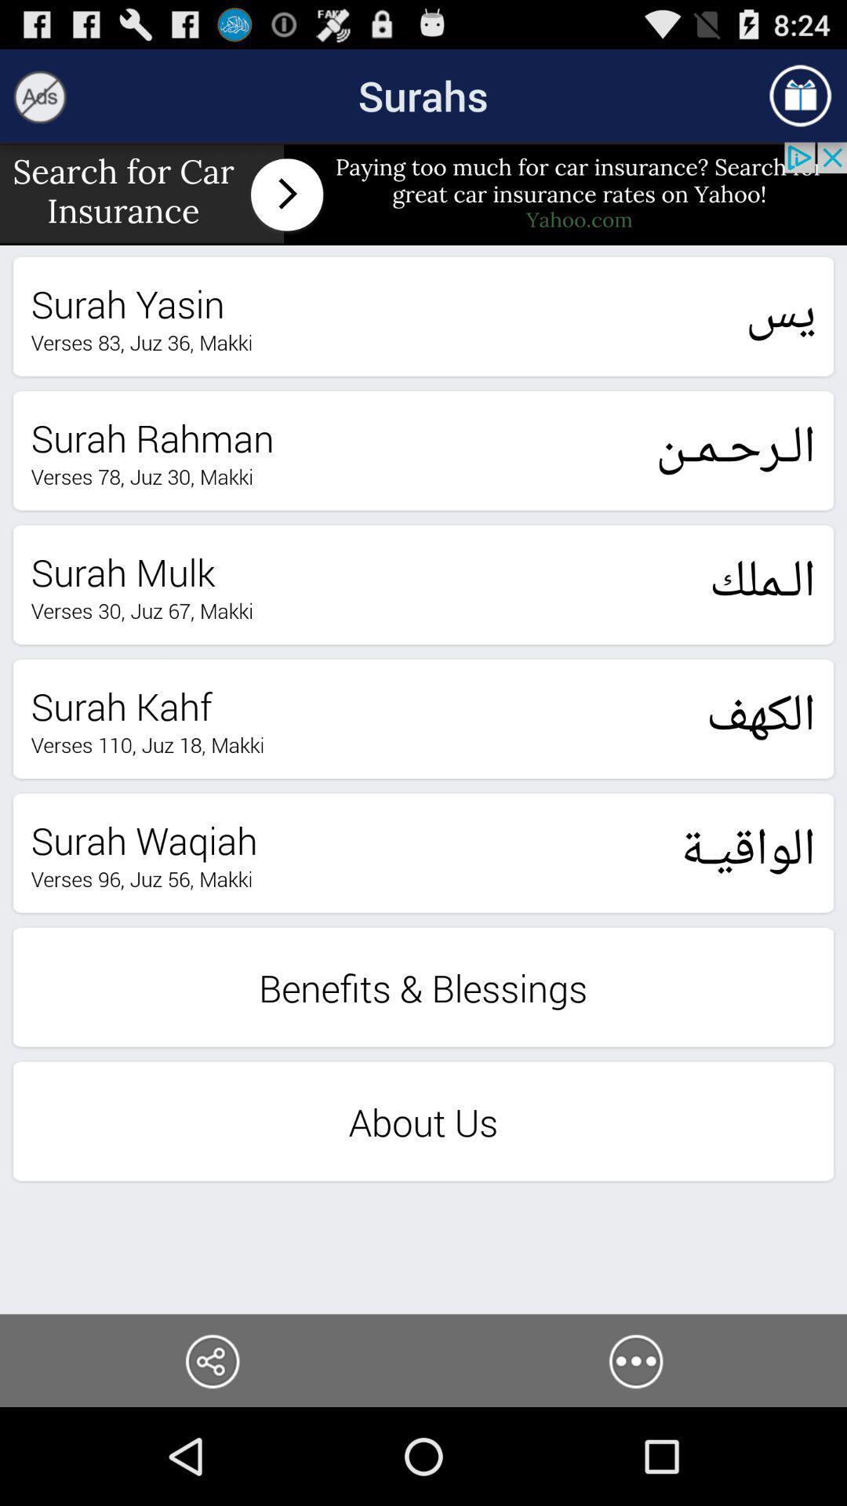 The height and width of the screenshot is (1506, 847). What do you see at coordinates (800, 95) in the screenshot?
I see `gifte` at bounding box center [800, 95].